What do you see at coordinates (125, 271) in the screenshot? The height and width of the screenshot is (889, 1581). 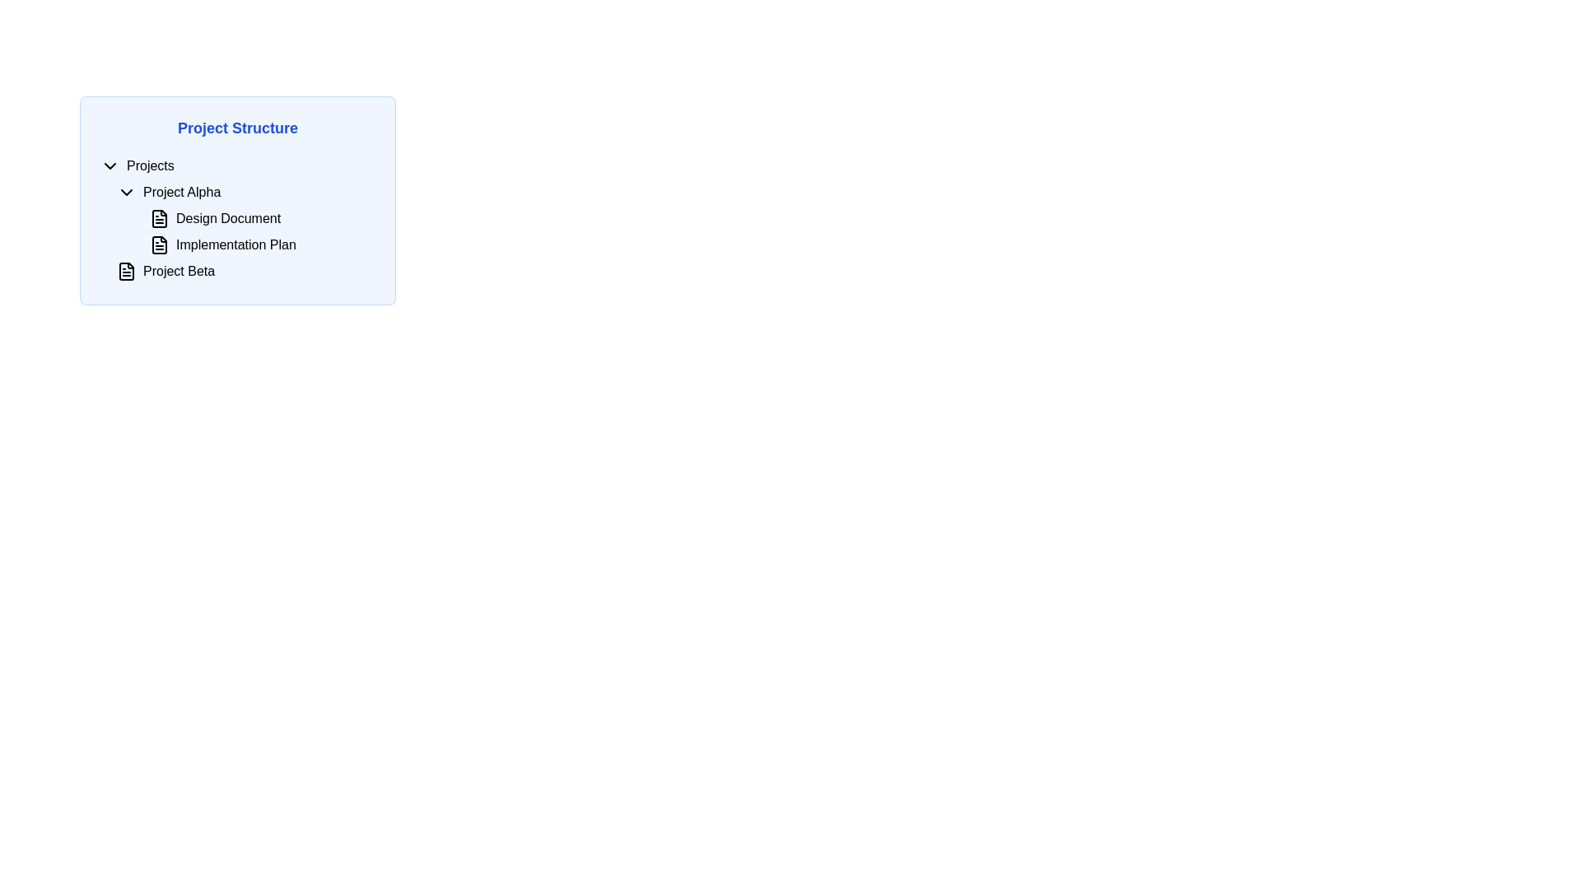 I see `the document icon representing 'Project Beta', located to the left of its label in the 'Project Structure' list` at bounding box center [125, 271].